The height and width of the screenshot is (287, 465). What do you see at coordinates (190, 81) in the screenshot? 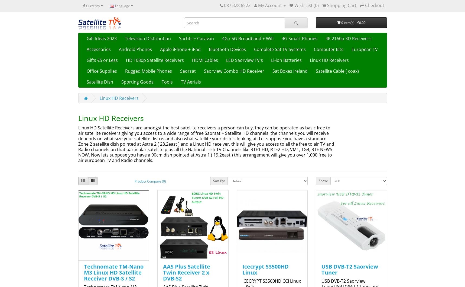
I see `'TV  Aerials'` at bounding box center [190, 81].